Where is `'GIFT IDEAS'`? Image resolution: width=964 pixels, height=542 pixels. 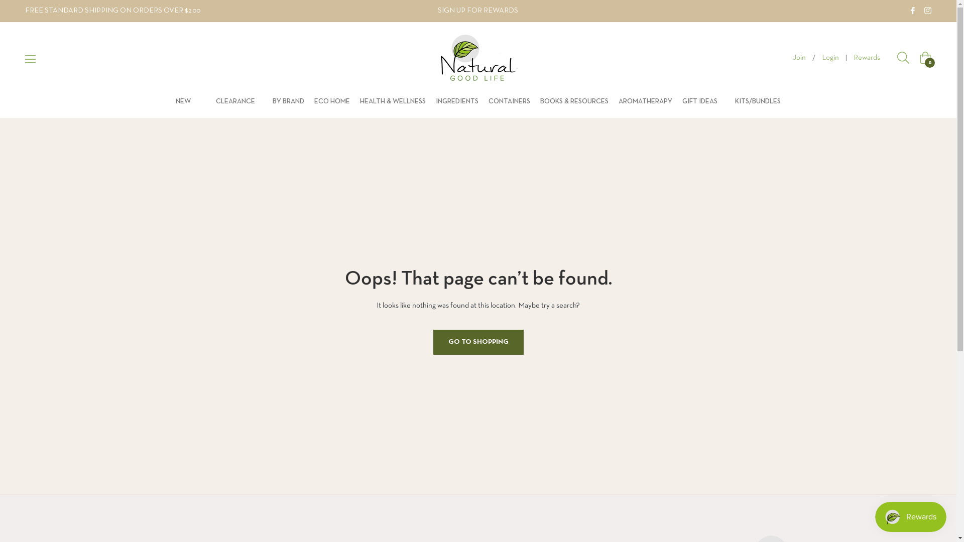 'GIFT IDEAS' is located at coordinates (699, 101).